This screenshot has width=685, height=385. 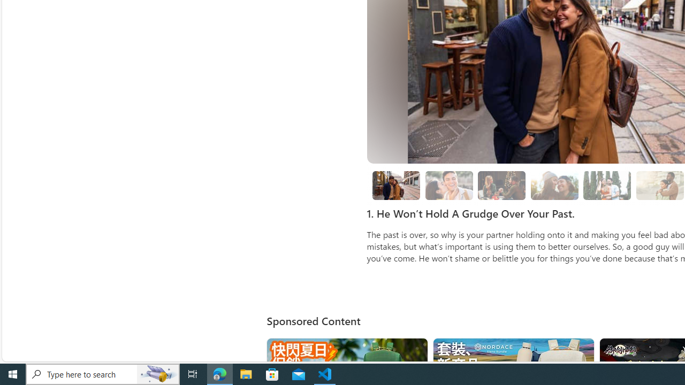 What do you see at coordinates (659, 184) in the screenshot?
I see `'boyfriend holding girlfriend close sunshine'` at bounding box center [659, 184].